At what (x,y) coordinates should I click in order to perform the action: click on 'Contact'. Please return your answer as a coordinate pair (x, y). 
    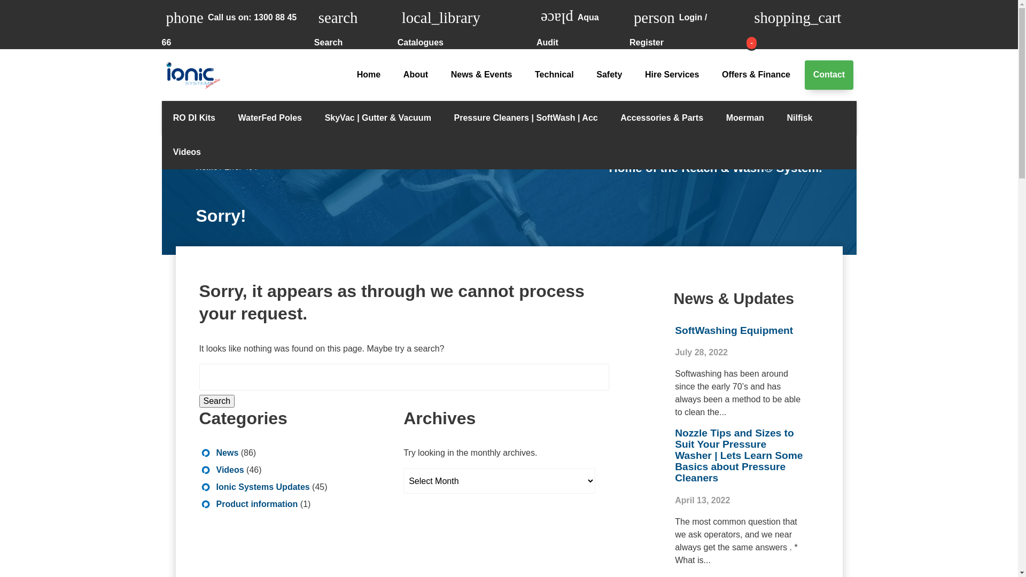
    Looking at the image, I should click on (828, 74).